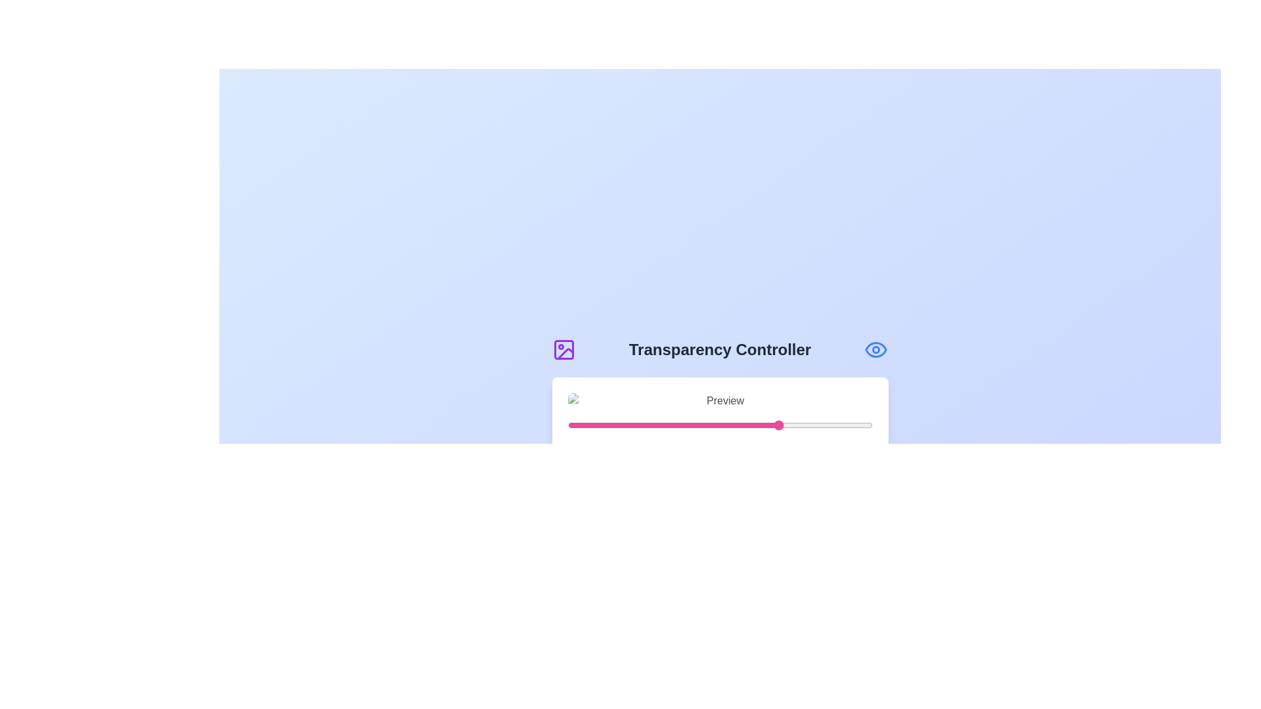  What do you see at coordinates (719, 400) in the screenshot?
I see `the preview image to inspect it` at bounding box center [719, 400].